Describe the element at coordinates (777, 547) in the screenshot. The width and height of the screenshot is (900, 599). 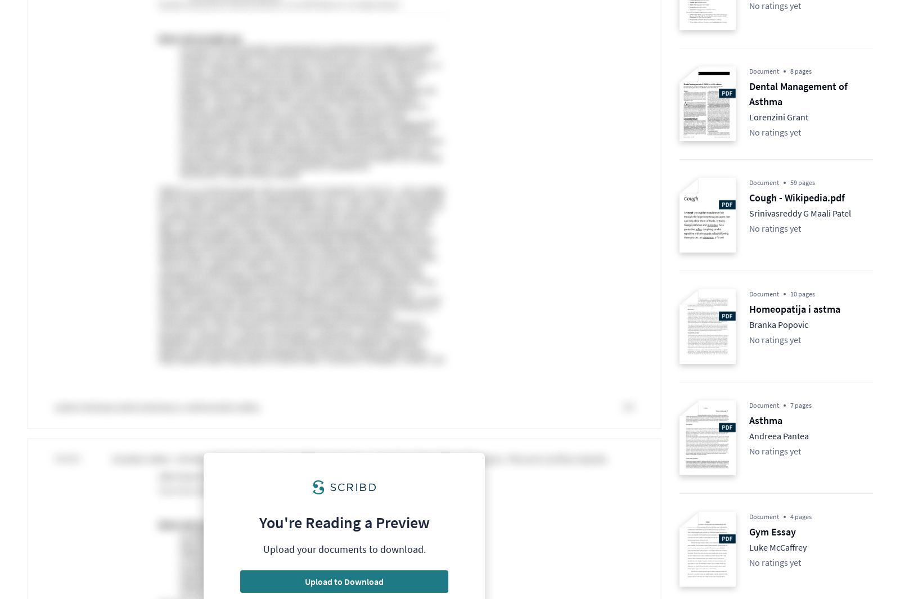
I see `'Luke McCaffrey'` at that location.